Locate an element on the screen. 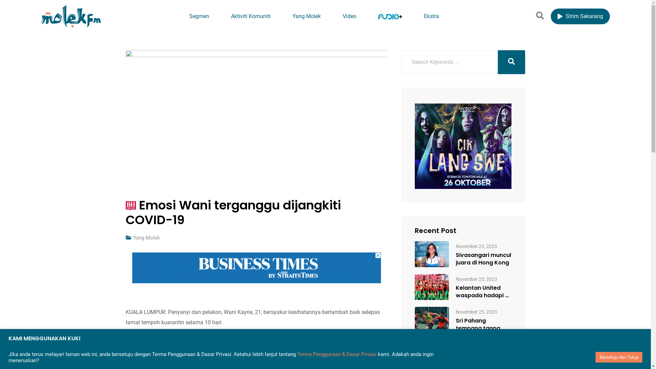 The width and height of the screenshot is (656, 369). ' Sri Pahang tempang tanpa lima tonggak' is located at coordinates (431, 320).